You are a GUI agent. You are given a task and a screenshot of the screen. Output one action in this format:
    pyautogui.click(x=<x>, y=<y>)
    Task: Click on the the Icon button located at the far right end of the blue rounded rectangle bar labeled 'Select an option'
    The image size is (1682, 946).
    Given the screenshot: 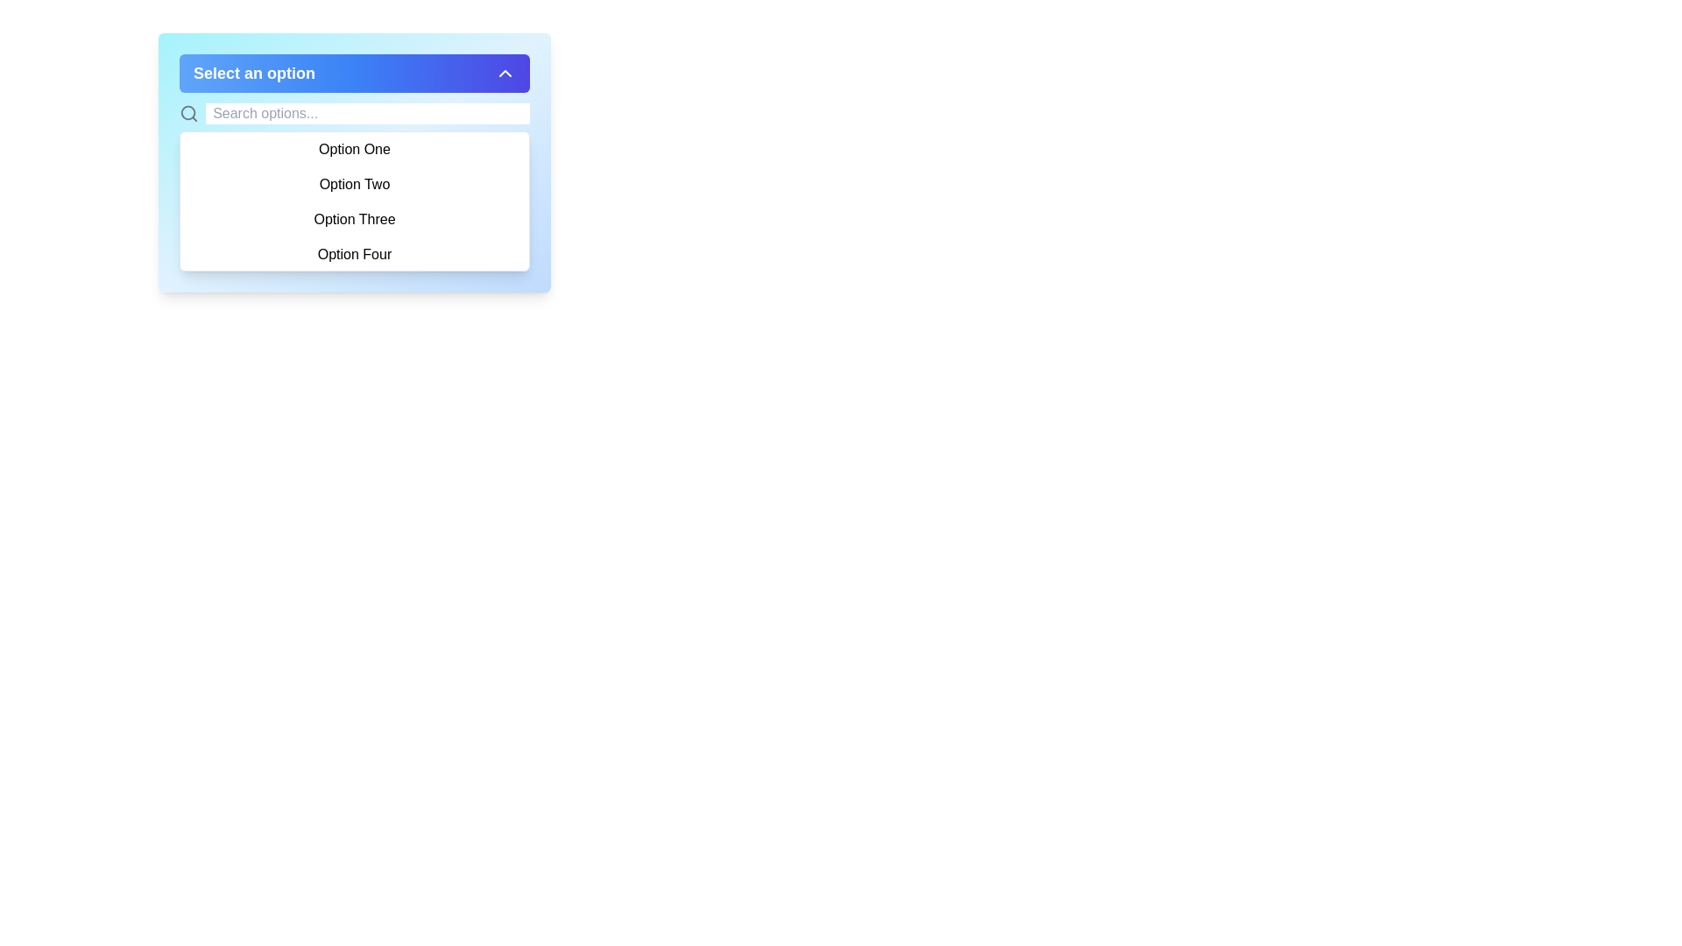 What is the action you would take?
    pyautogui.click(x=504, y=73)
    